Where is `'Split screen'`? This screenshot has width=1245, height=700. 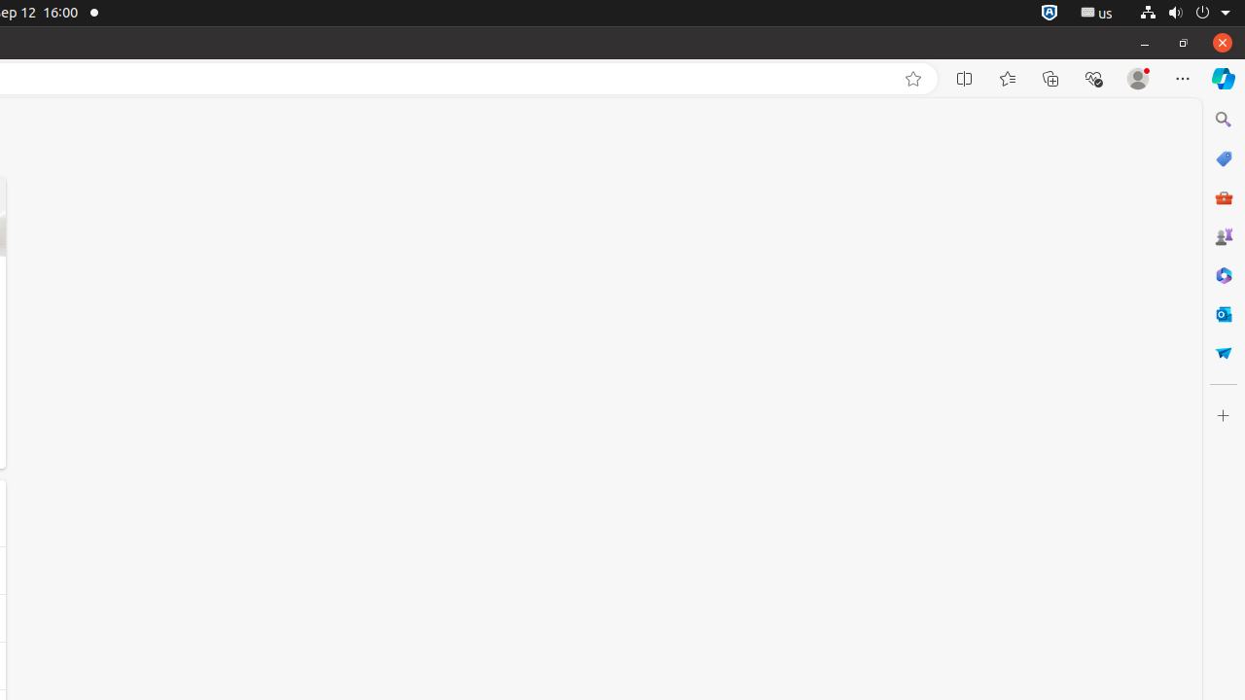
'Split screen' is located at coordinates (965, 78).